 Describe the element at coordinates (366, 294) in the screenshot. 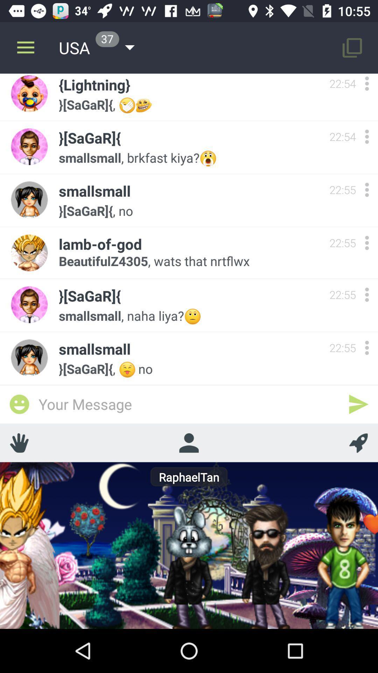

I see `apps` at that location.